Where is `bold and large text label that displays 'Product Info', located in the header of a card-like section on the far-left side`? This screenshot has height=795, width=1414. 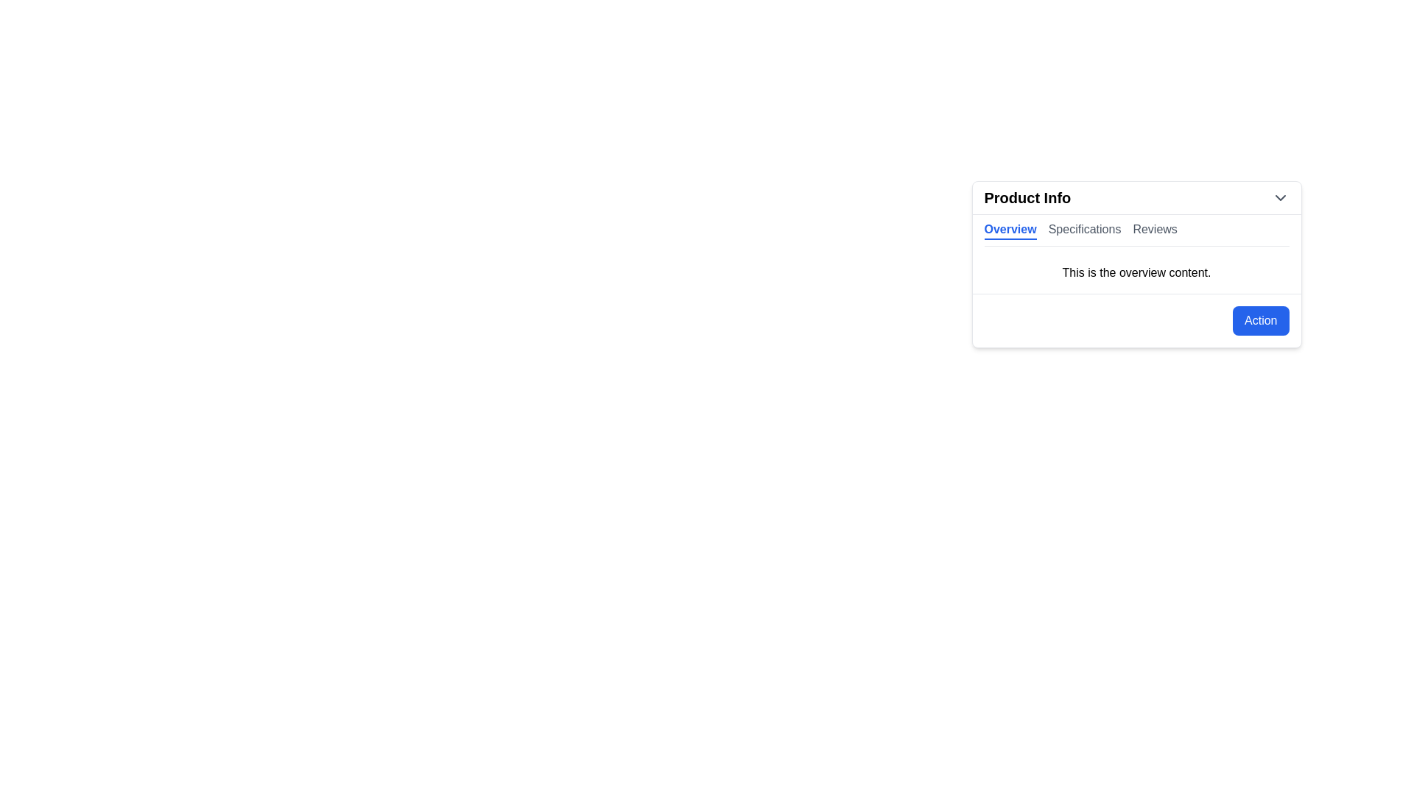
bold and large text label that displays 'Product Info', located in the header of a card-like section on the far-left side is located at coordinates (1027, 197).